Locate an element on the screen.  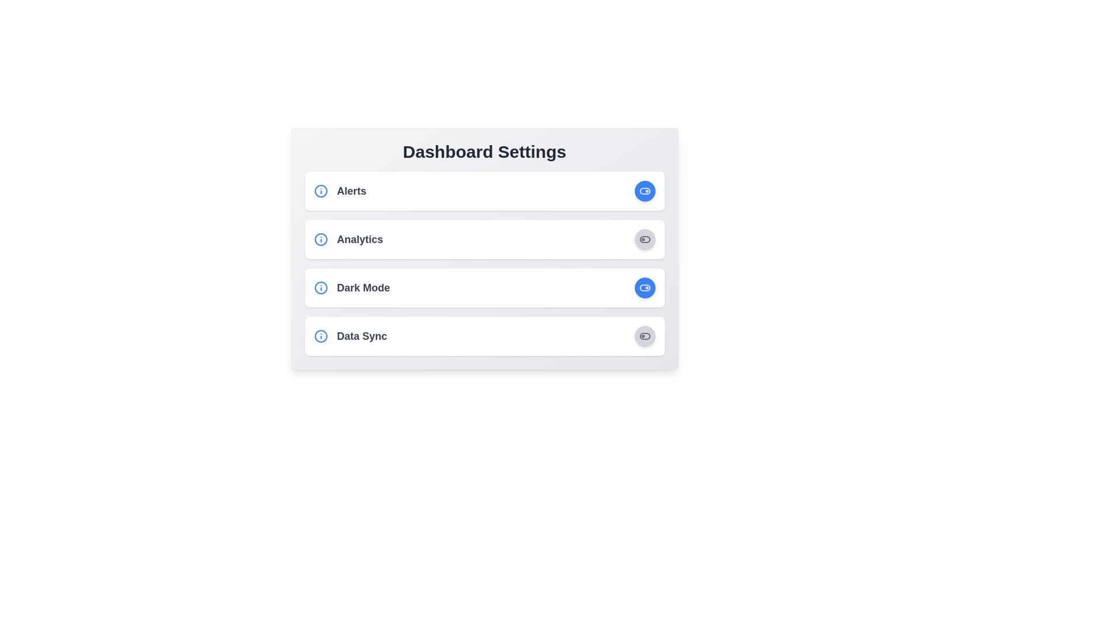
toggle button for Alerts to toggle its state is located at coordinates (644, 190).